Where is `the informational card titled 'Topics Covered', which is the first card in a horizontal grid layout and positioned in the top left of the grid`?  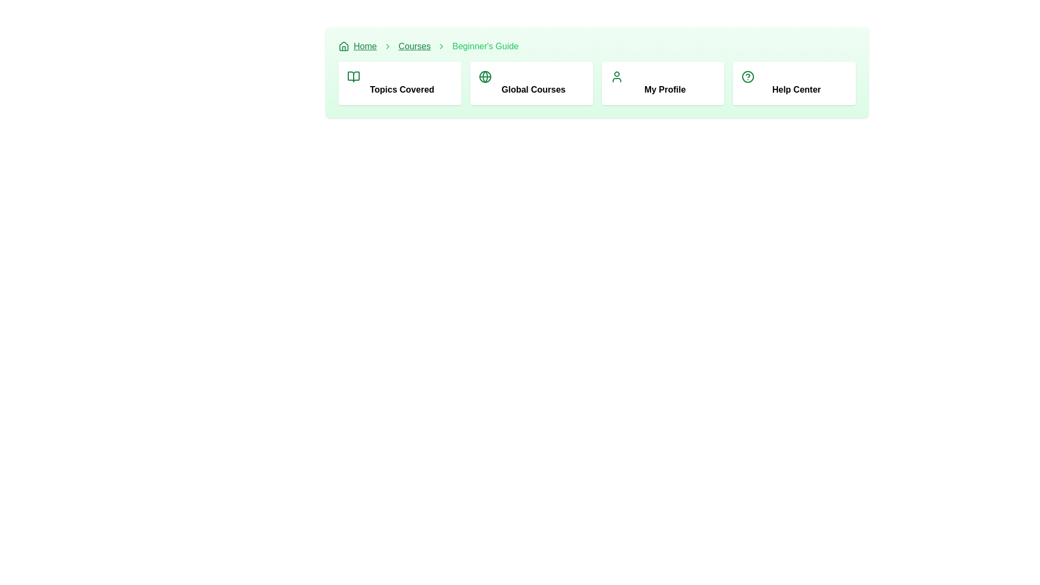 the informational card titled 'Topics Covered', which is the first card in a horizontal grid layout and positioned in the top left of the grid is located at coordinates (399, 83).